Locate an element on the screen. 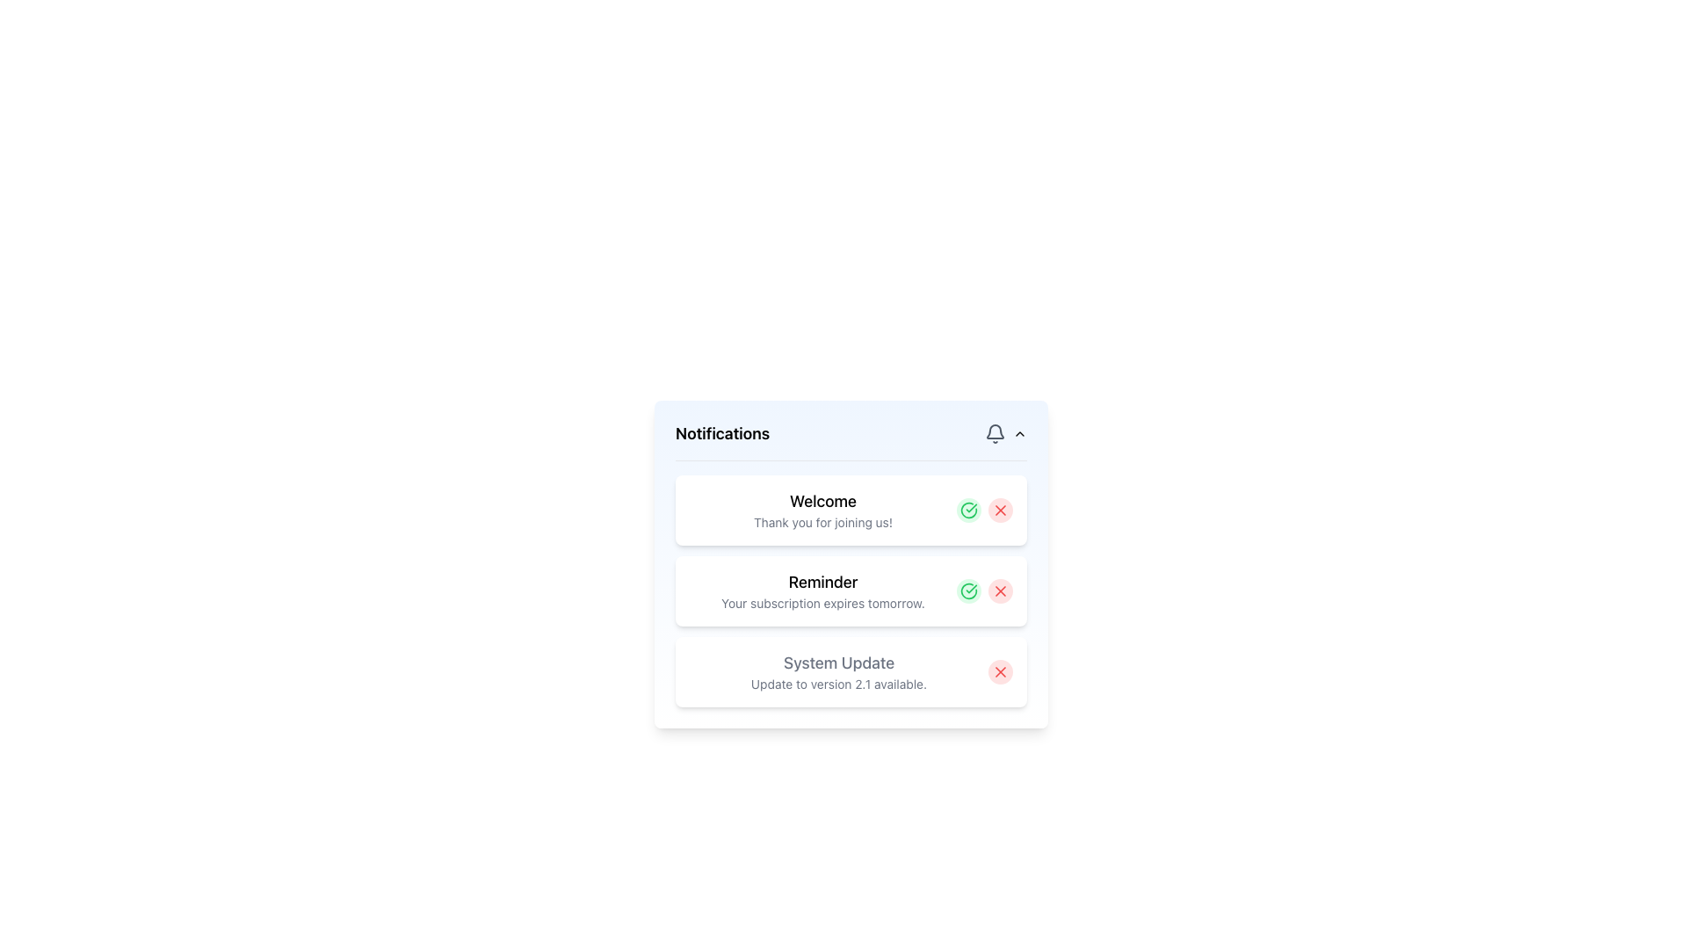  the third Informational Notification Box that informs the user about a system update available, which is located below the 'Reminder' box is located at coordinates (851, 671).